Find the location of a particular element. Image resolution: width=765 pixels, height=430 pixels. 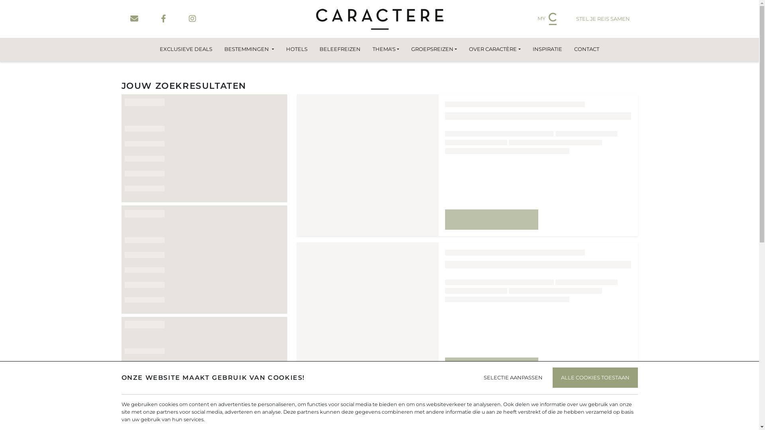

'THEMA'S' is located at coordinates (386, 49).